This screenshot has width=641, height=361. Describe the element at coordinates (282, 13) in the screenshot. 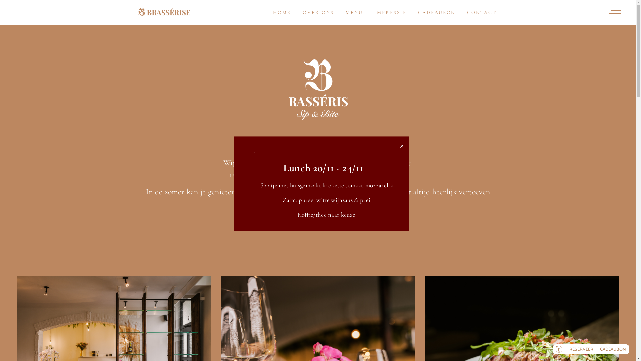

I see `'HOME'` at that location.